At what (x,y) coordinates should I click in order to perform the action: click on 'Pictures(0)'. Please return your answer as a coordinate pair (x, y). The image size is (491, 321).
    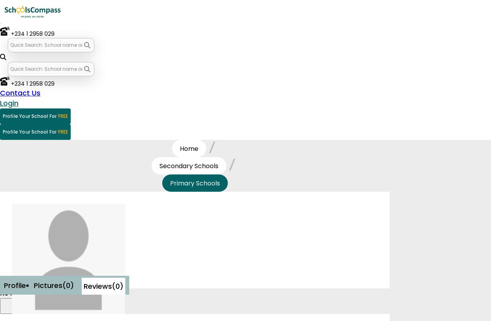
    Looking at the image, I should click on (54, 284).